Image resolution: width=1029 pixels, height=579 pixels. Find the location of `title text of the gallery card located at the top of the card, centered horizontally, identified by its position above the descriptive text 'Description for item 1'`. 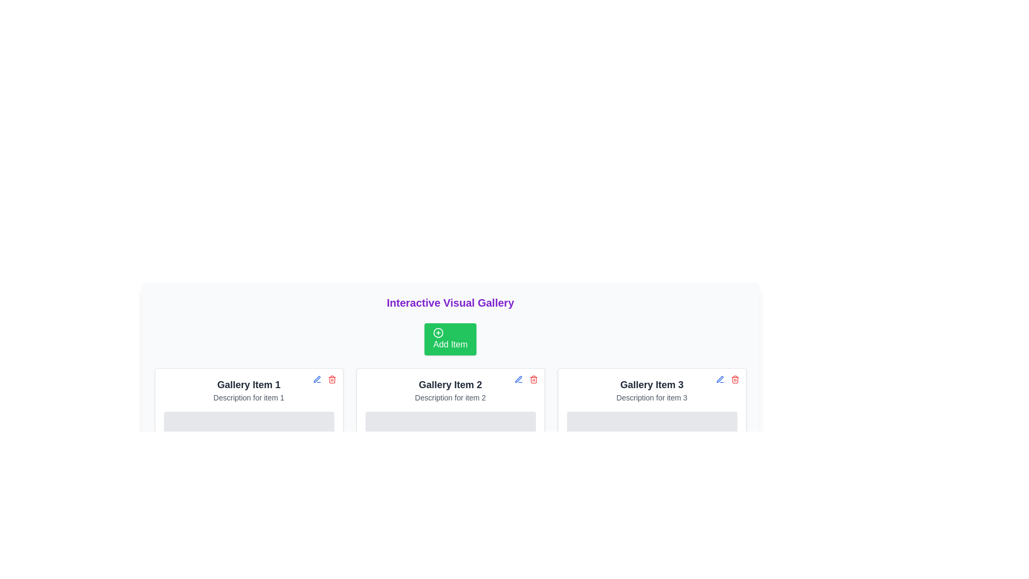

title text of the gallery card located at the top of the card, centered horizontally, identified by its position above the descriptive text 'Description for item 1' is located at coordinates (248, 384).